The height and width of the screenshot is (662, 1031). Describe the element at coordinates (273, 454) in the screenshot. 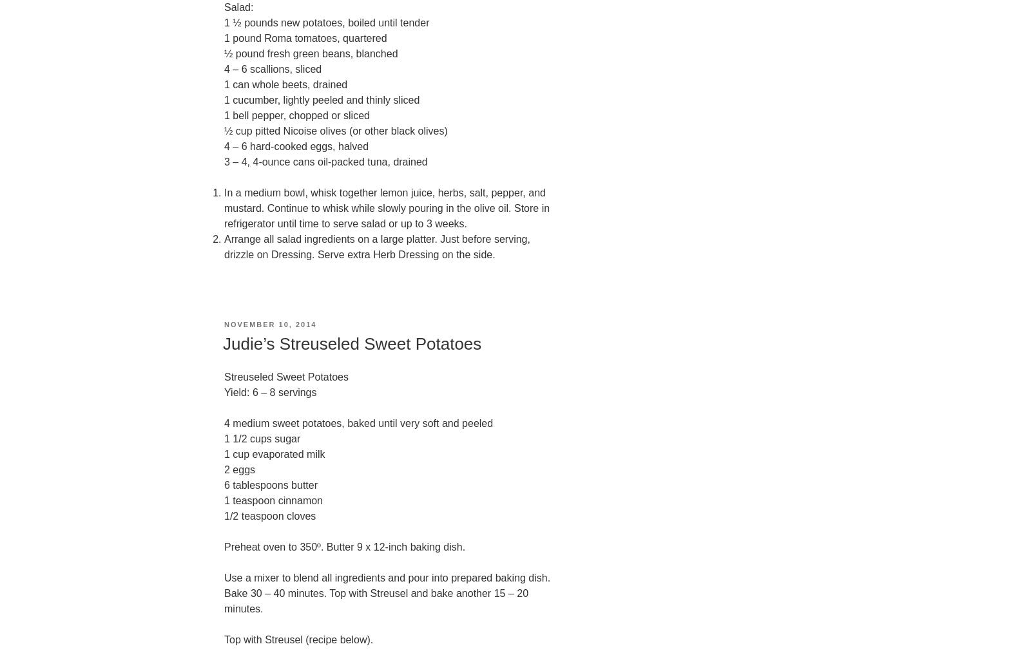

I see `'1 cup evaporated milk'` at that location.